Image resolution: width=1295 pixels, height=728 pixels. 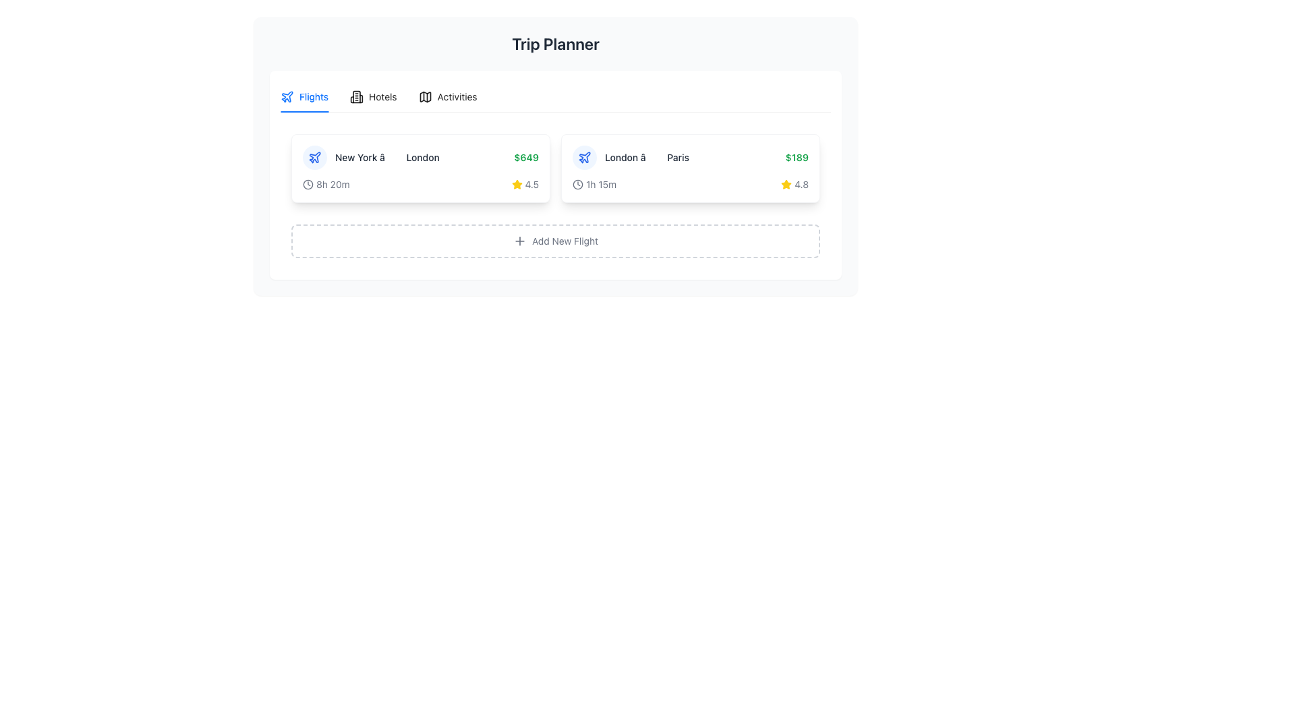 What do you see at coordinates (307, 184) in the screenshot?
I see `the circular outline symbol representing a clock face, which is positioned in the first column of the flight details list` at bounding box center [307, 184].